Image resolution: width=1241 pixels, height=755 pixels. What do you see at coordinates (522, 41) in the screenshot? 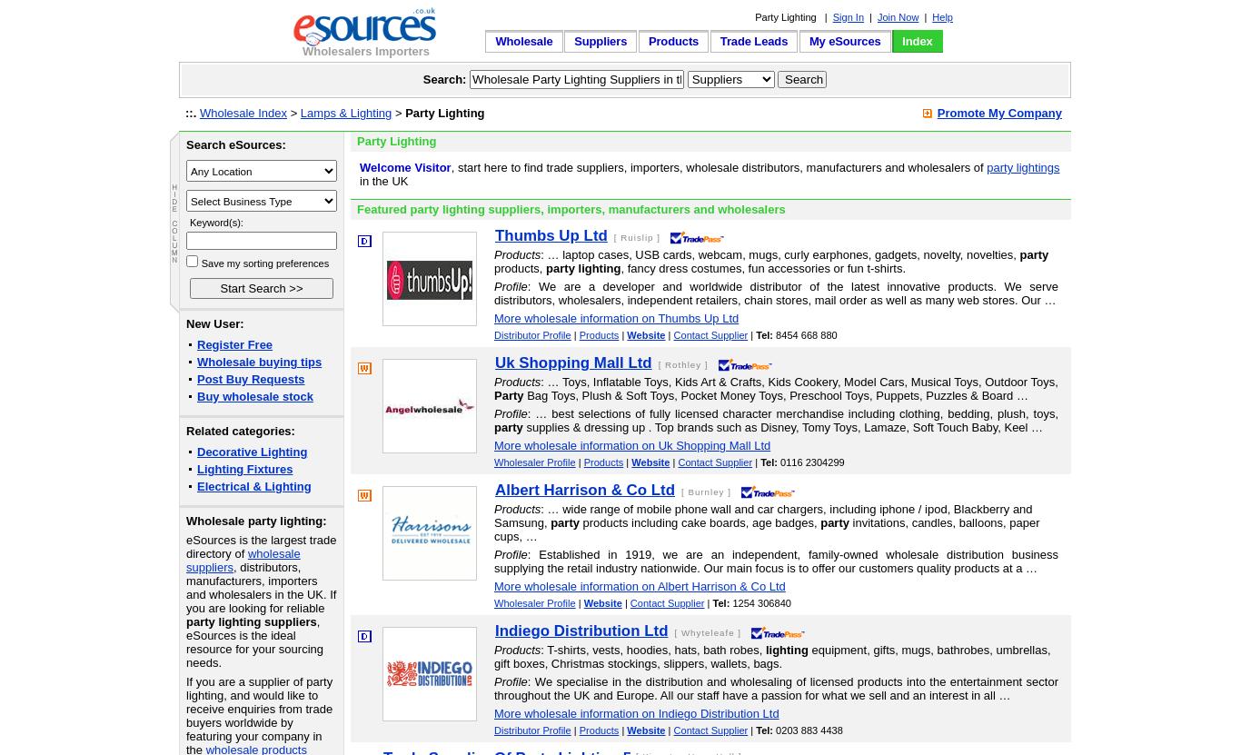
I see `'Wholesale'` at bounding box center [522, 41].